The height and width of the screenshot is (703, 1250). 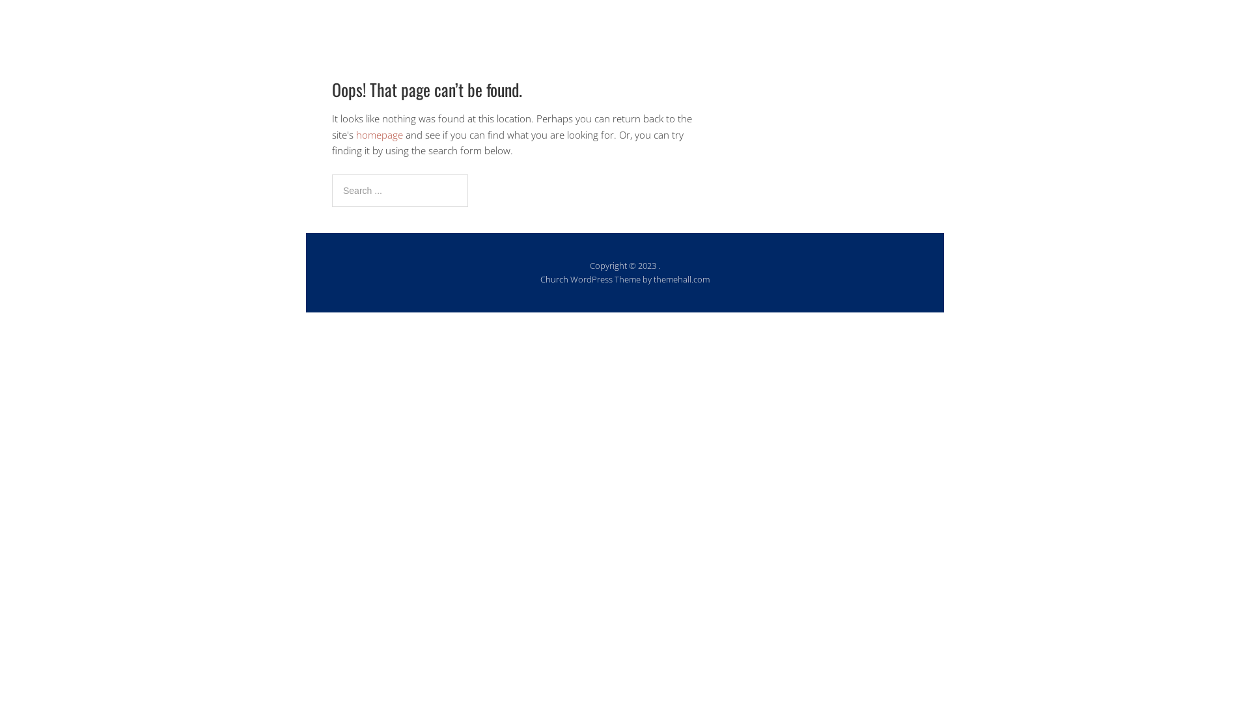 What do you see at coordinates (399, 191) in the screenshot?
I see `'Search for:'` at bounding box center [399, 191].